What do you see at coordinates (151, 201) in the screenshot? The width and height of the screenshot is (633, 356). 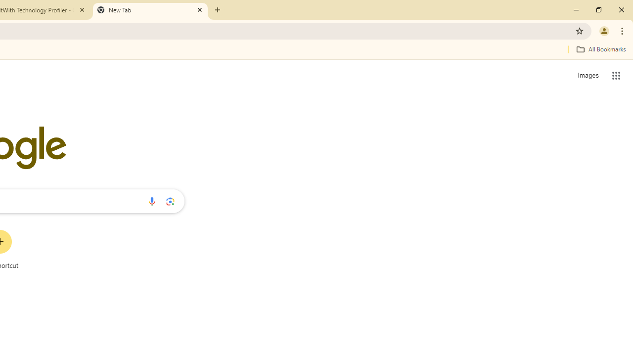 I see `'Search by voice'` at bounding box center [151, 201].